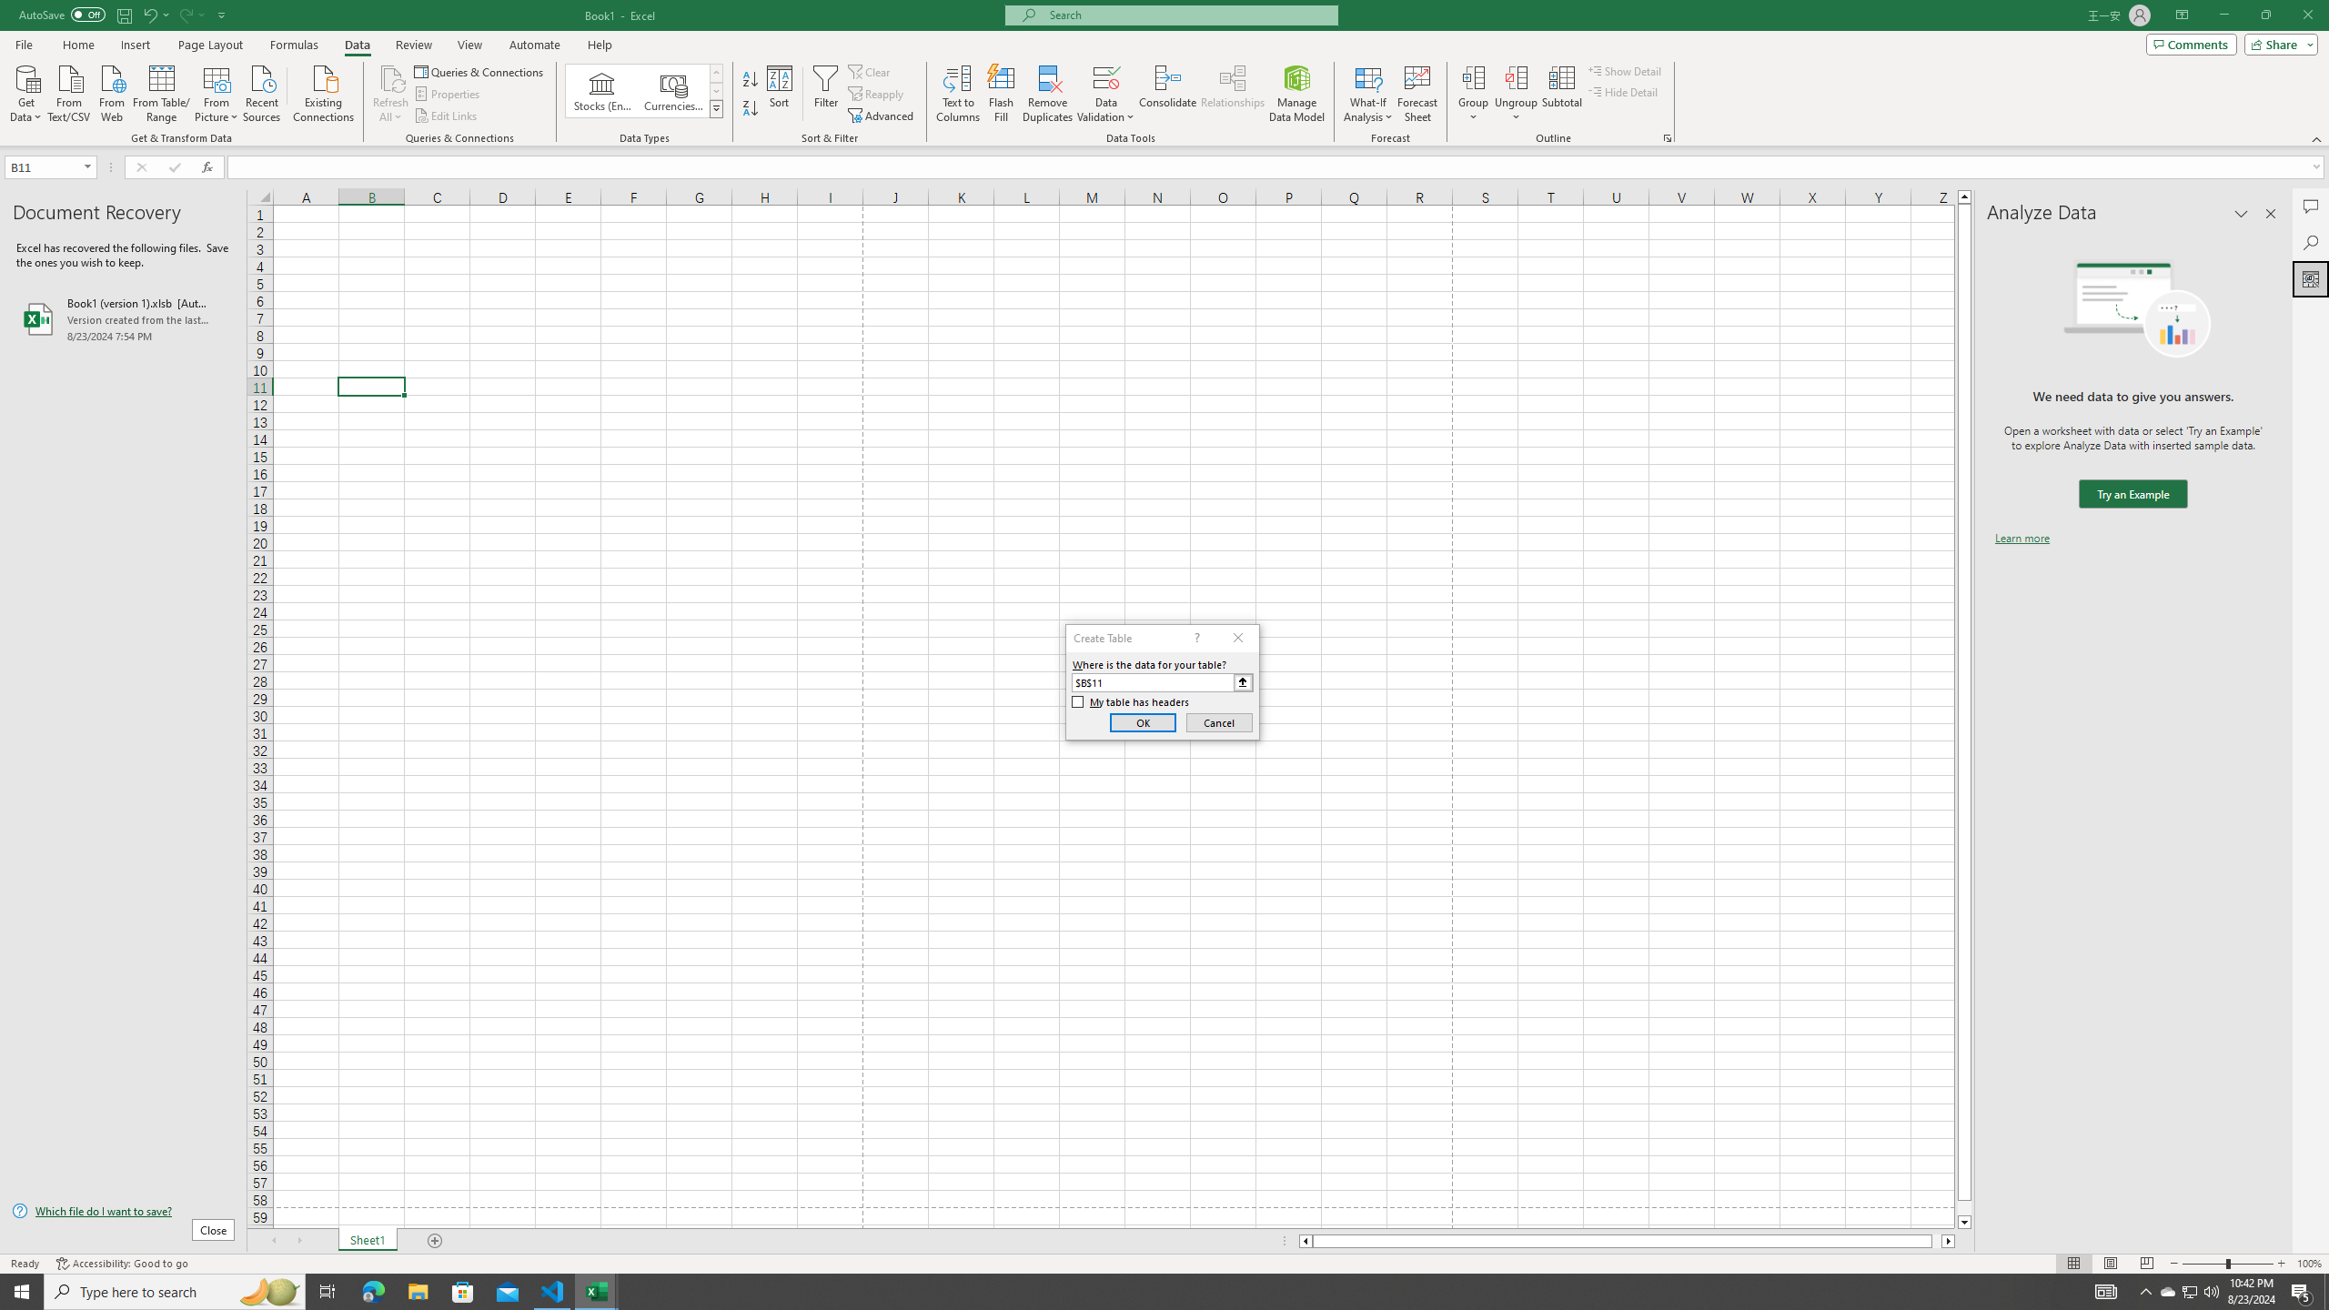  What do you see at coordinates (1232, 94) in the screenshot?
I see `'Relationships'` at bounding box center [1232, 94].